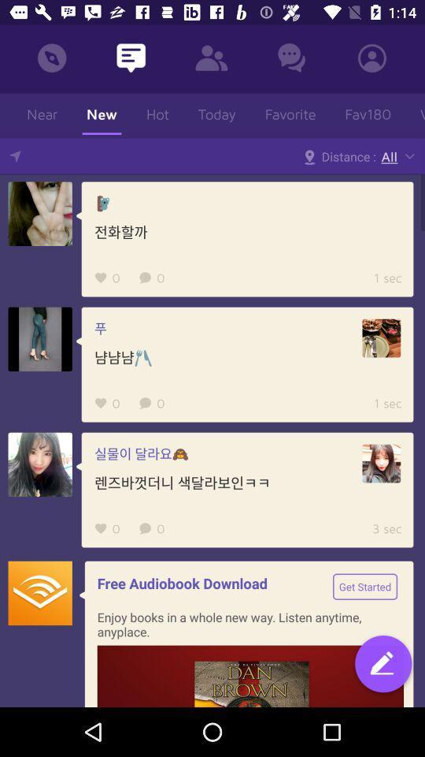 The width and height of the screenshot is (425, 757). I want to click on the edit icon, so click(382, 665).